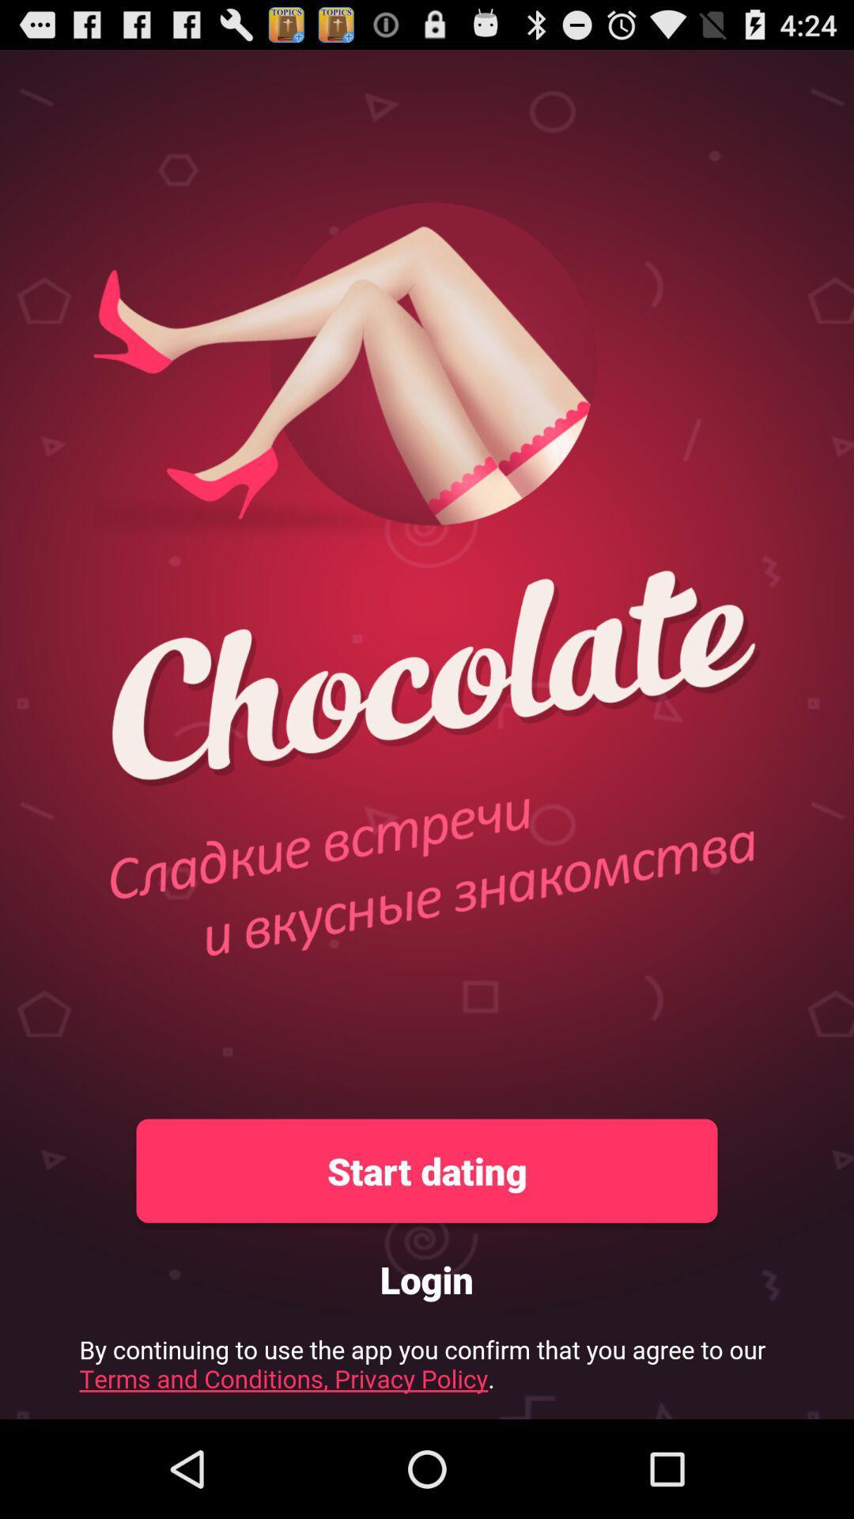 The image size is (854, 1519). Describe the element at coordinates (427, 1369) in the screenshot. I see `advertisement` at that location.